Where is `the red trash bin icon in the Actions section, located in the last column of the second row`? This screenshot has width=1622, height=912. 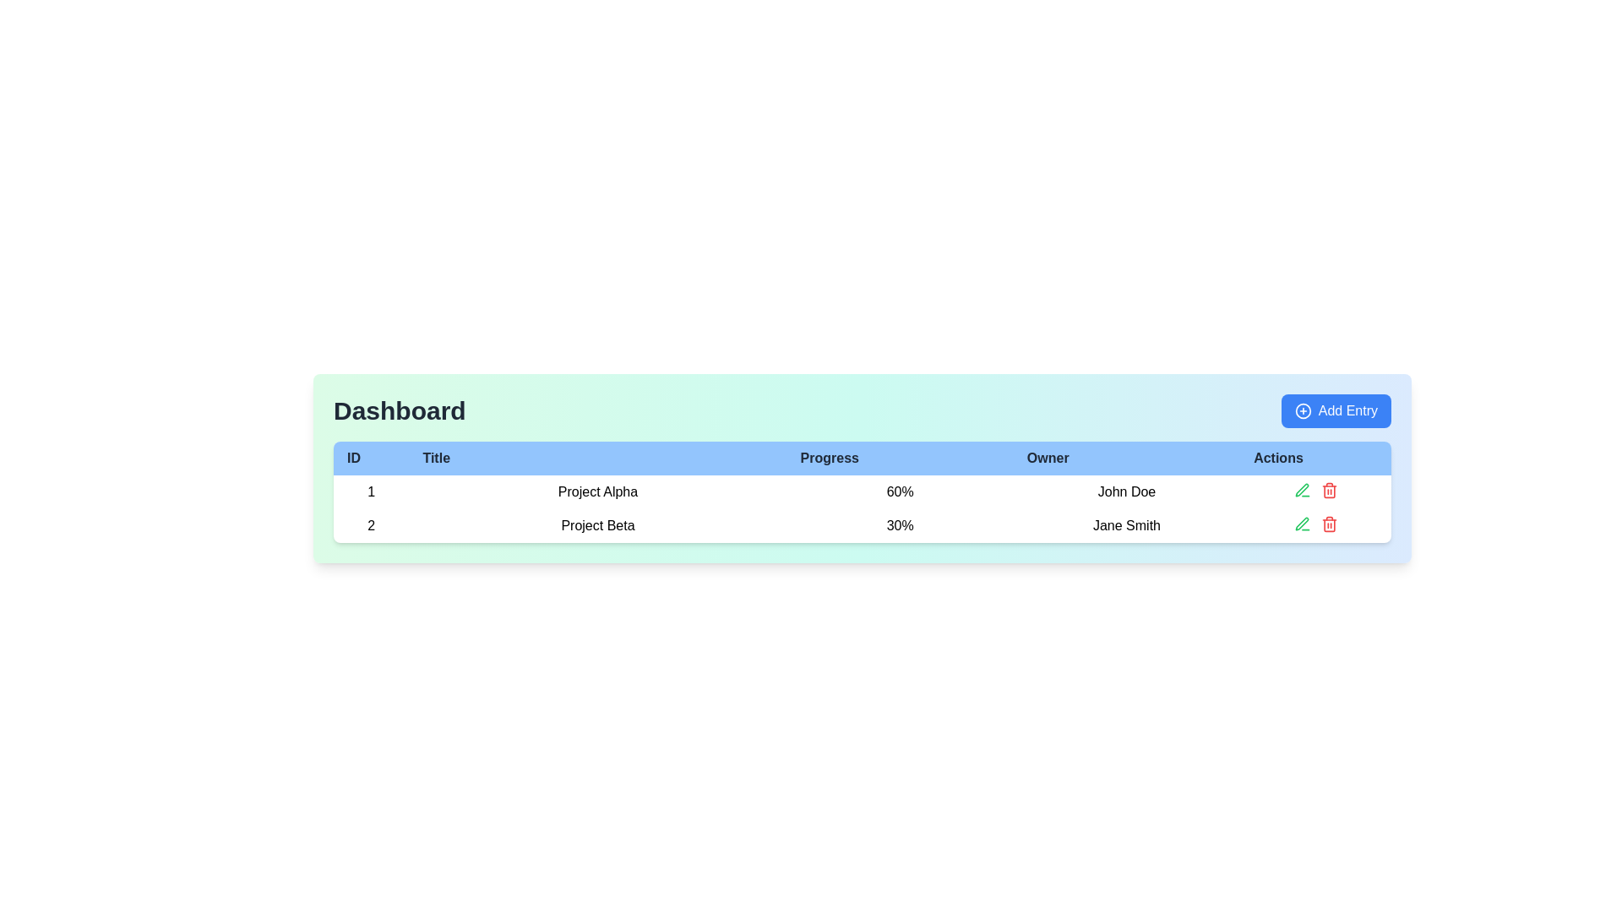
the red trash bin icon in the Actions section, located in the last column of the second row is located at coordinates (1328, 524).